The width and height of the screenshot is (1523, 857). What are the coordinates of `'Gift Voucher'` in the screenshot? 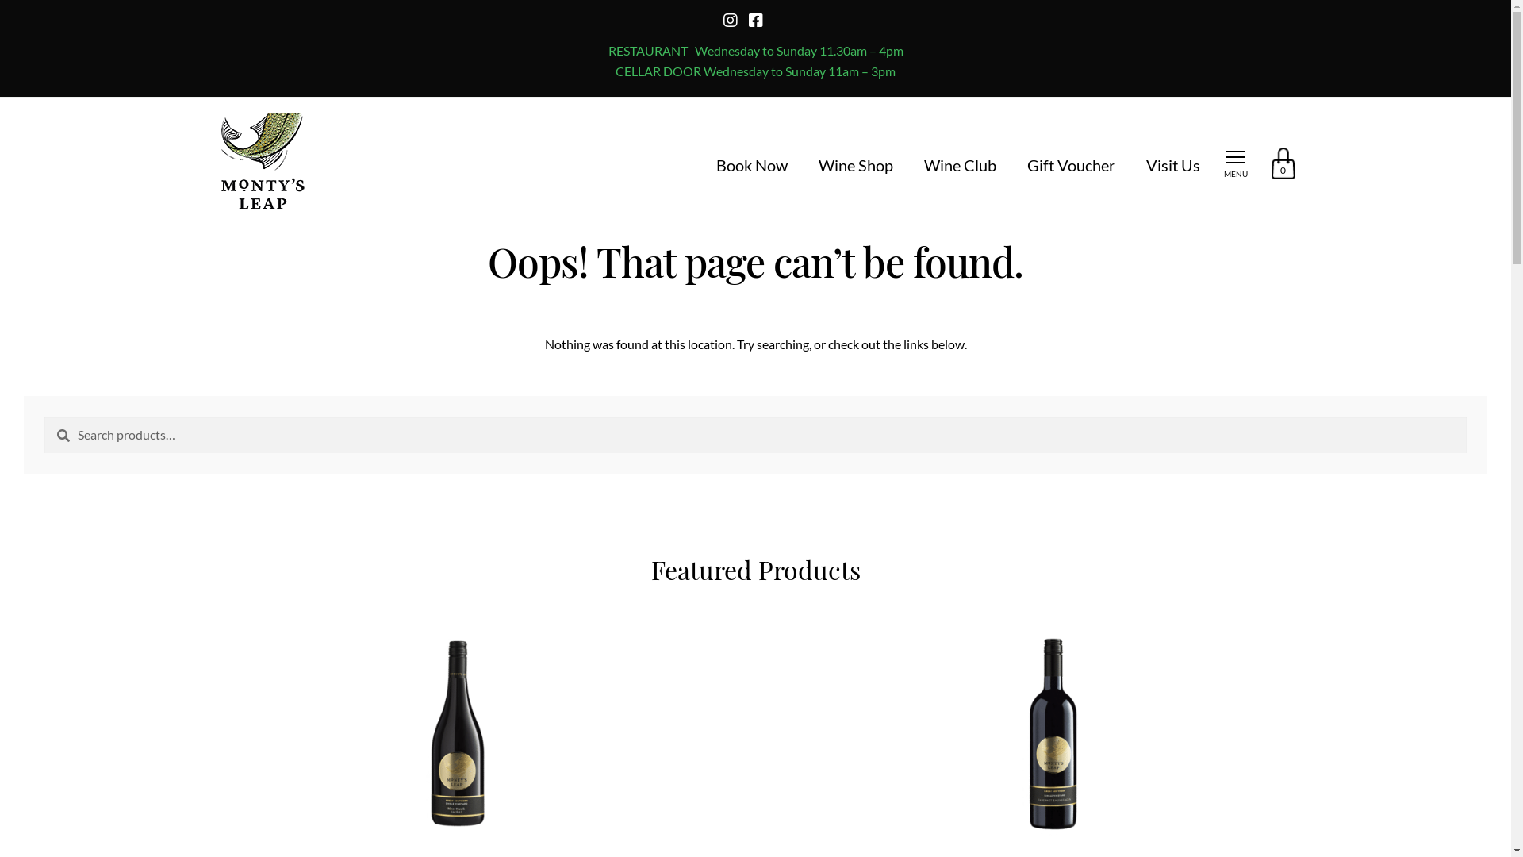 It's located at (1026, 165).